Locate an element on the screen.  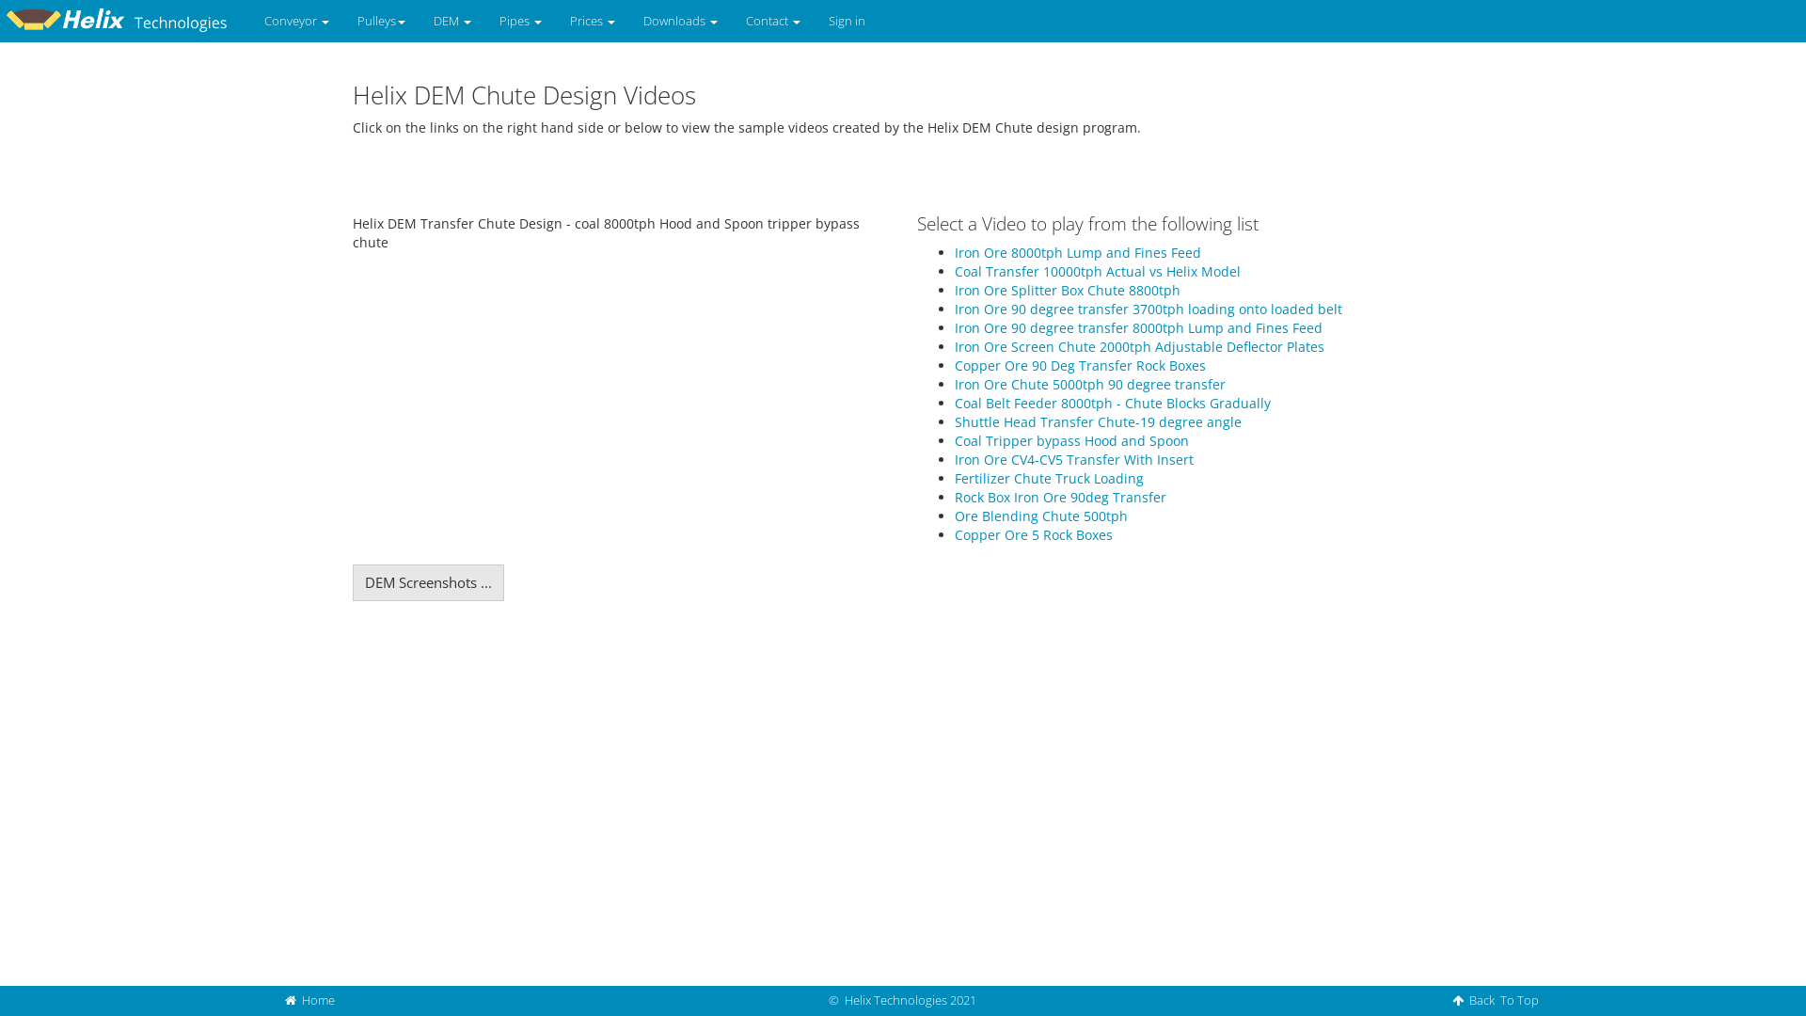
'Conveyor ' is located at coordinates (295, 21).